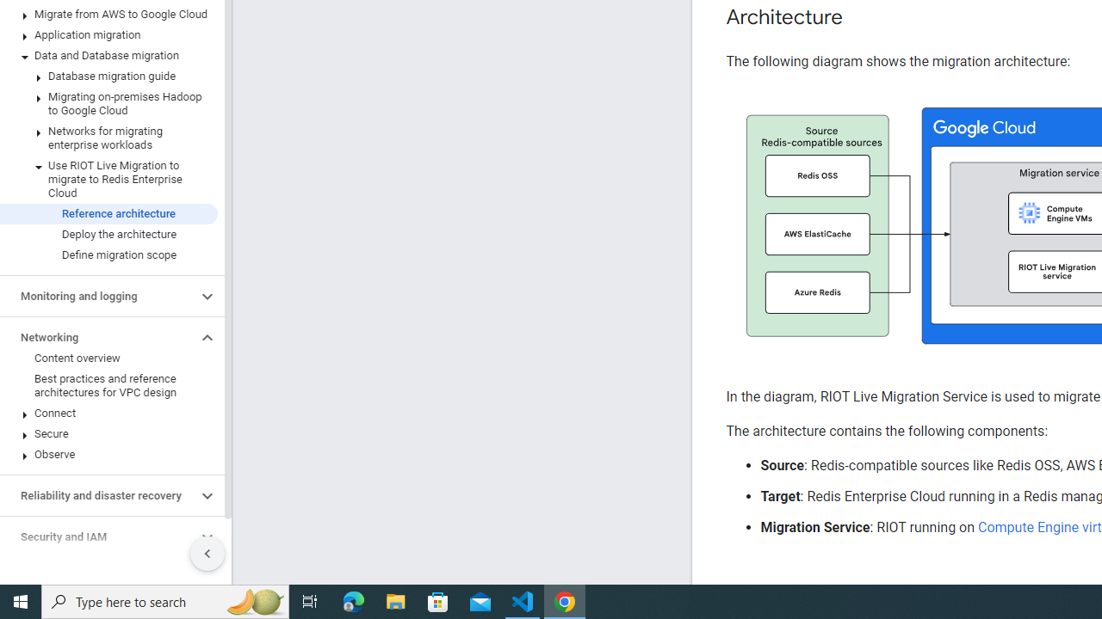  Describe the element at coordinates (108, 433) in the screenshot. I see `'Secure'` at that location.